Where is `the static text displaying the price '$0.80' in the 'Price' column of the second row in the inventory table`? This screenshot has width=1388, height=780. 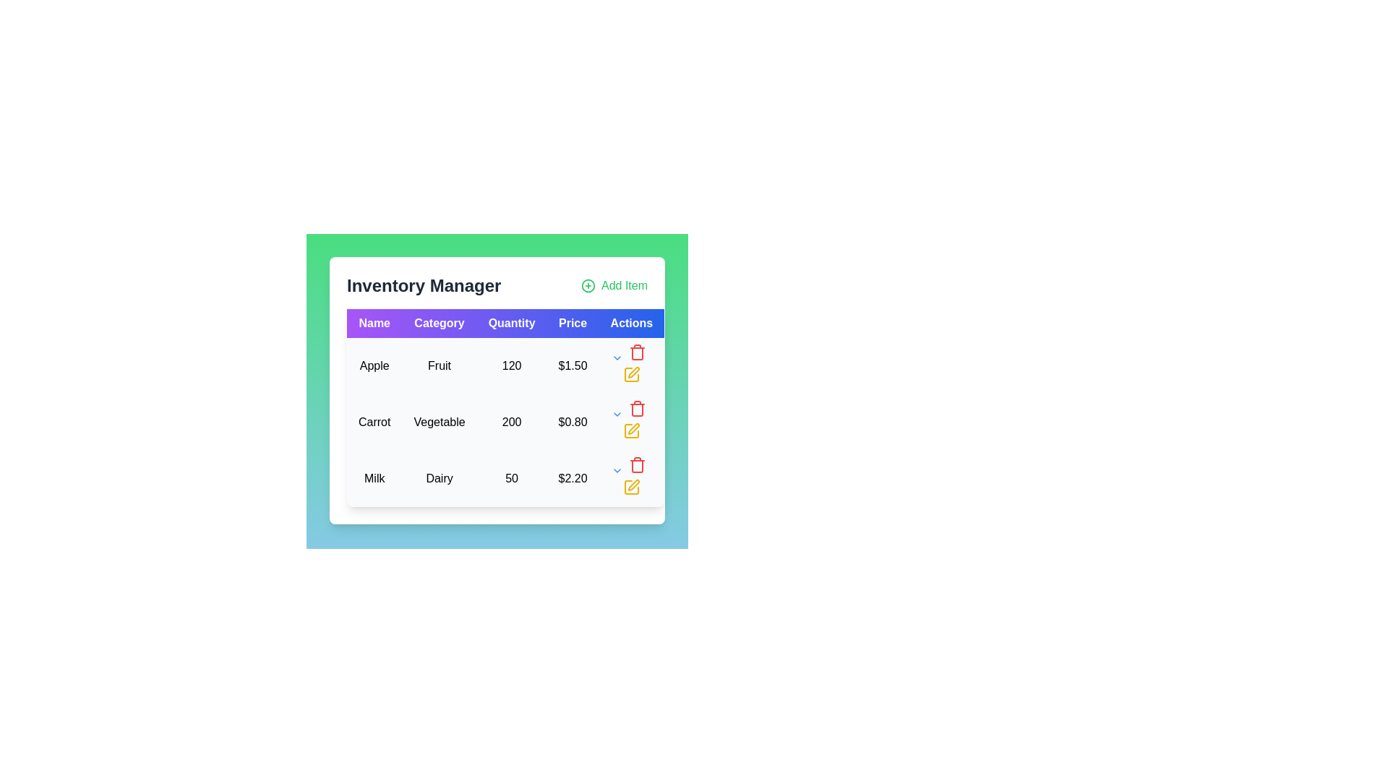 the static text displaying the price '$0.80' in the 'Price' column of the second row in the inventory table is located at coordinates (572, 422).